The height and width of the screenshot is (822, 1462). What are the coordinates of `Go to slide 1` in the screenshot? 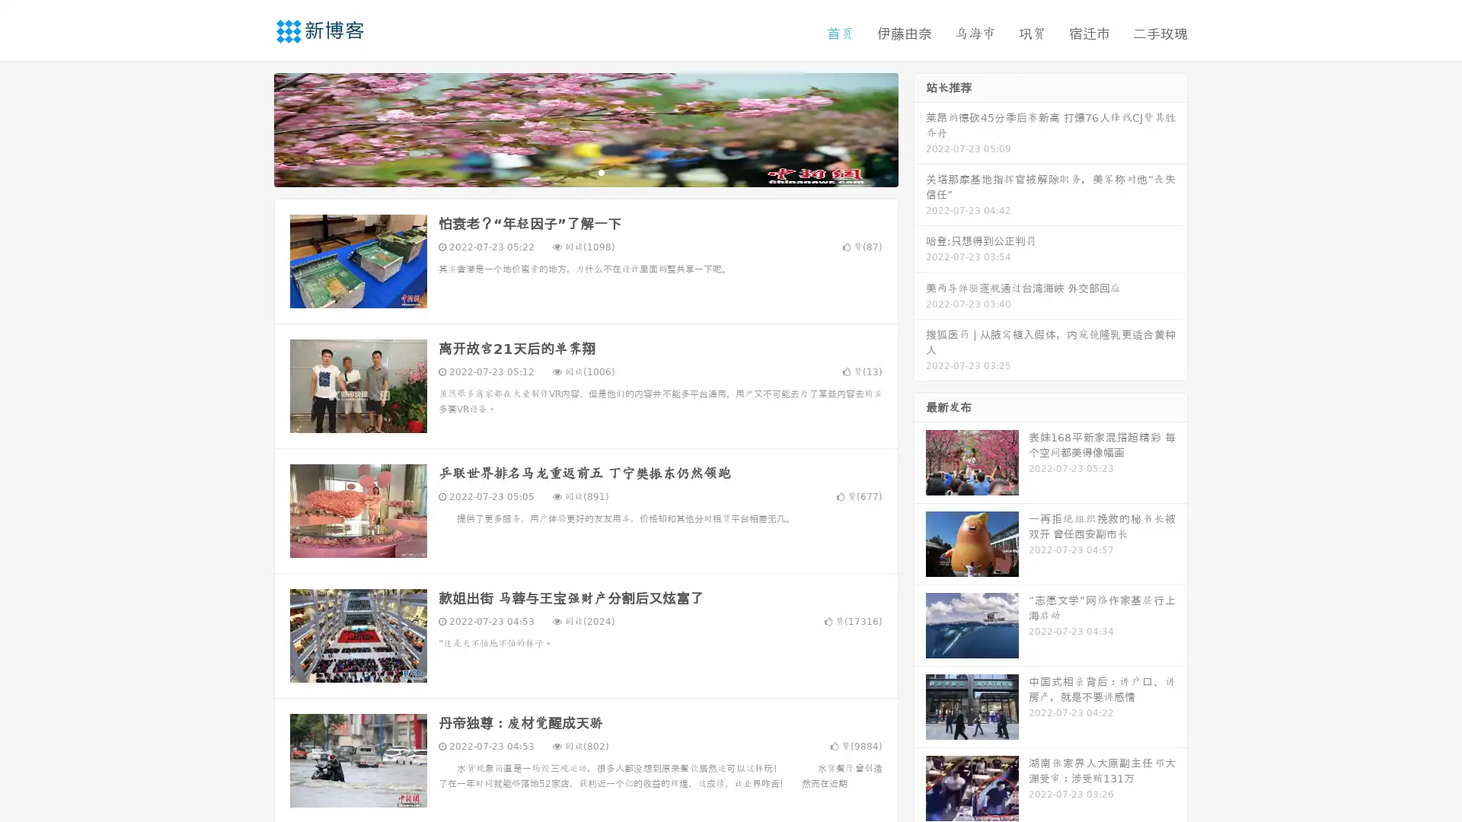 It's located at (570, 171).